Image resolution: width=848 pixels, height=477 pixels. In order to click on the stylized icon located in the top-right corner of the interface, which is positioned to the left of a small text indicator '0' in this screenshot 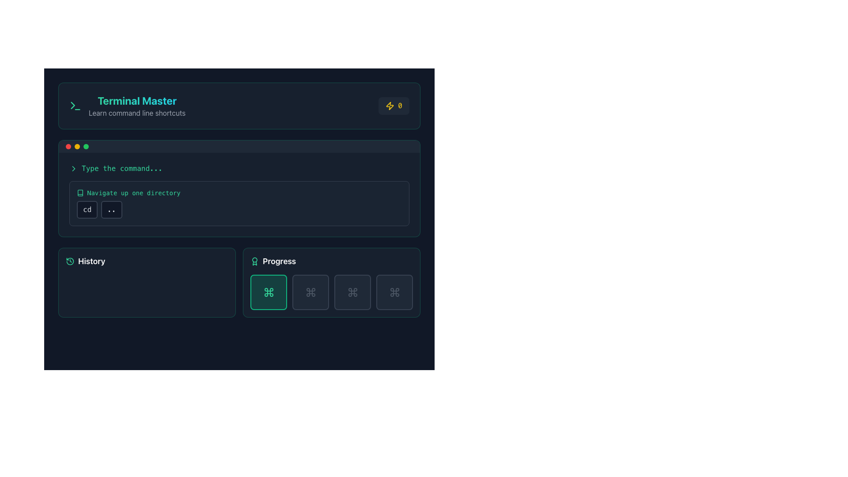, I will do `click(390, 105)`.